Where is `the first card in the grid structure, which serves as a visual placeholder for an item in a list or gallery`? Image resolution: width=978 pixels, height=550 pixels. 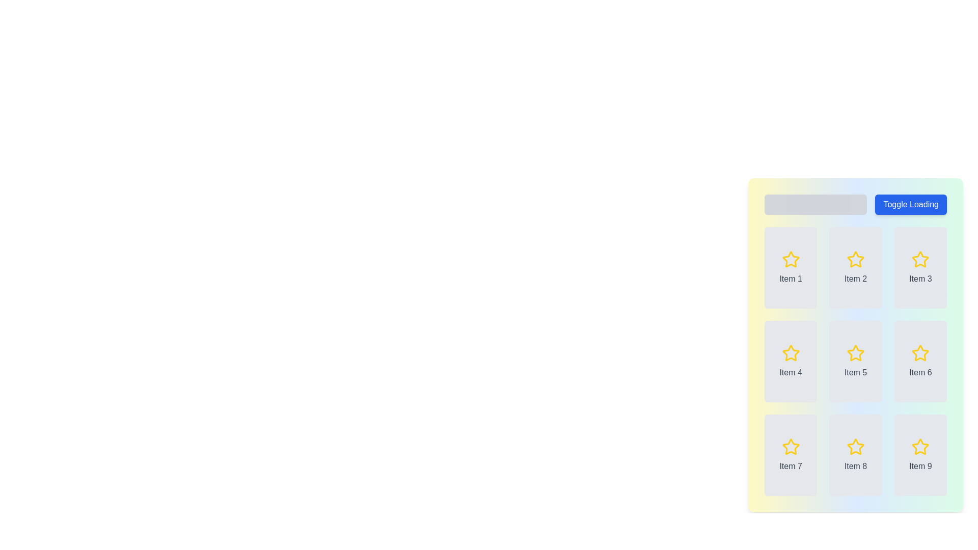
the first card in the grid structure, which serves as a visual placeholder for an item in a list or gallery is located at coordinates (790, 267).